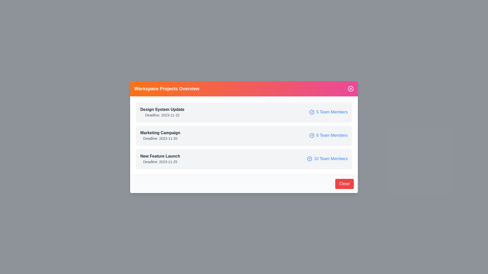  What do you see at coordinates (244, 158) in the screenshot?
I see `the project 'New Feature Launch' to inspect its details` at bounding box center [244, 158].